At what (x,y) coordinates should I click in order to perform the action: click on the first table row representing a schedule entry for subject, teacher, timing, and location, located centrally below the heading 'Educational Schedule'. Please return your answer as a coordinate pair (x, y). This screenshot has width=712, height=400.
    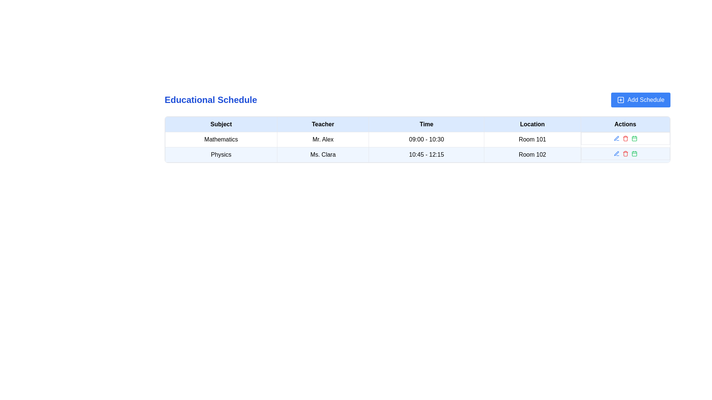
    Looking at the image, I should click on (418, 140).